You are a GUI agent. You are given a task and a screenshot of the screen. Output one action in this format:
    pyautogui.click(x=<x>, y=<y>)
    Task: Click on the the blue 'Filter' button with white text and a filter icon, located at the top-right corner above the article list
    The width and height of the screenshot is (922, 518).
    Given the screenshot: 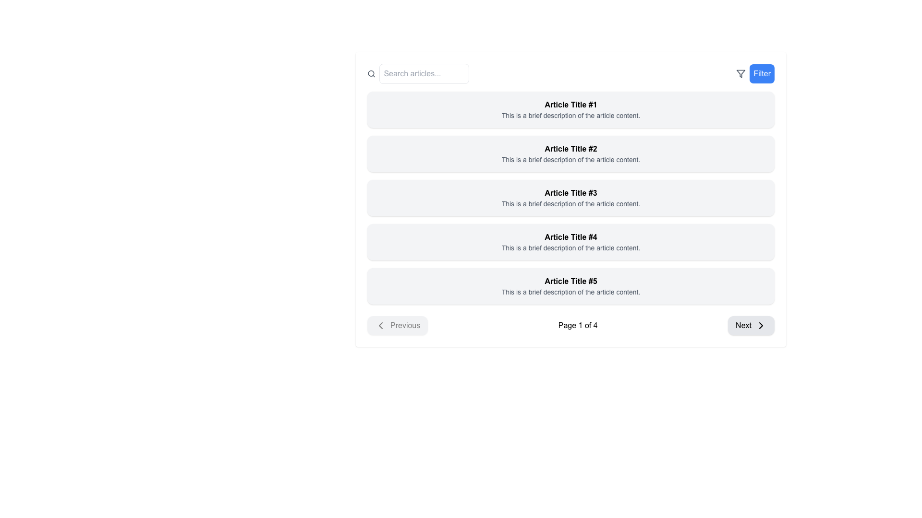 What is the action you would take?
    pyautogui.click(x=755, y=73)
    